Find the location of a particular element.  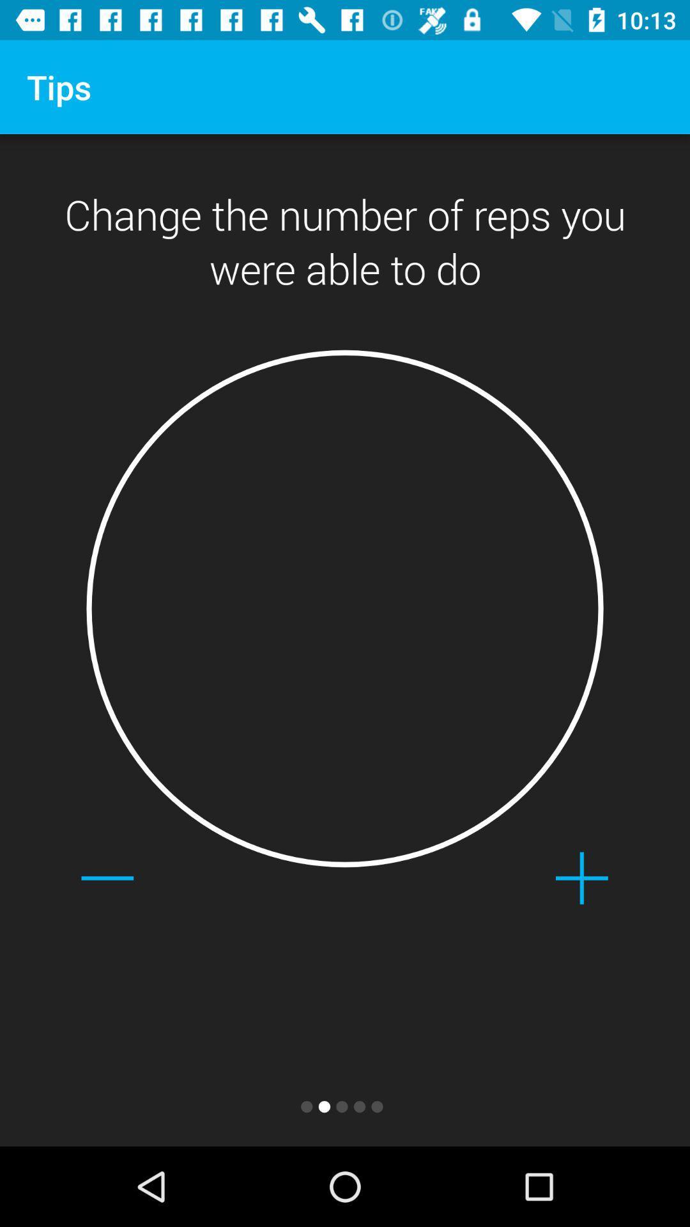

the item at the center is located at coordinates (345, 608).